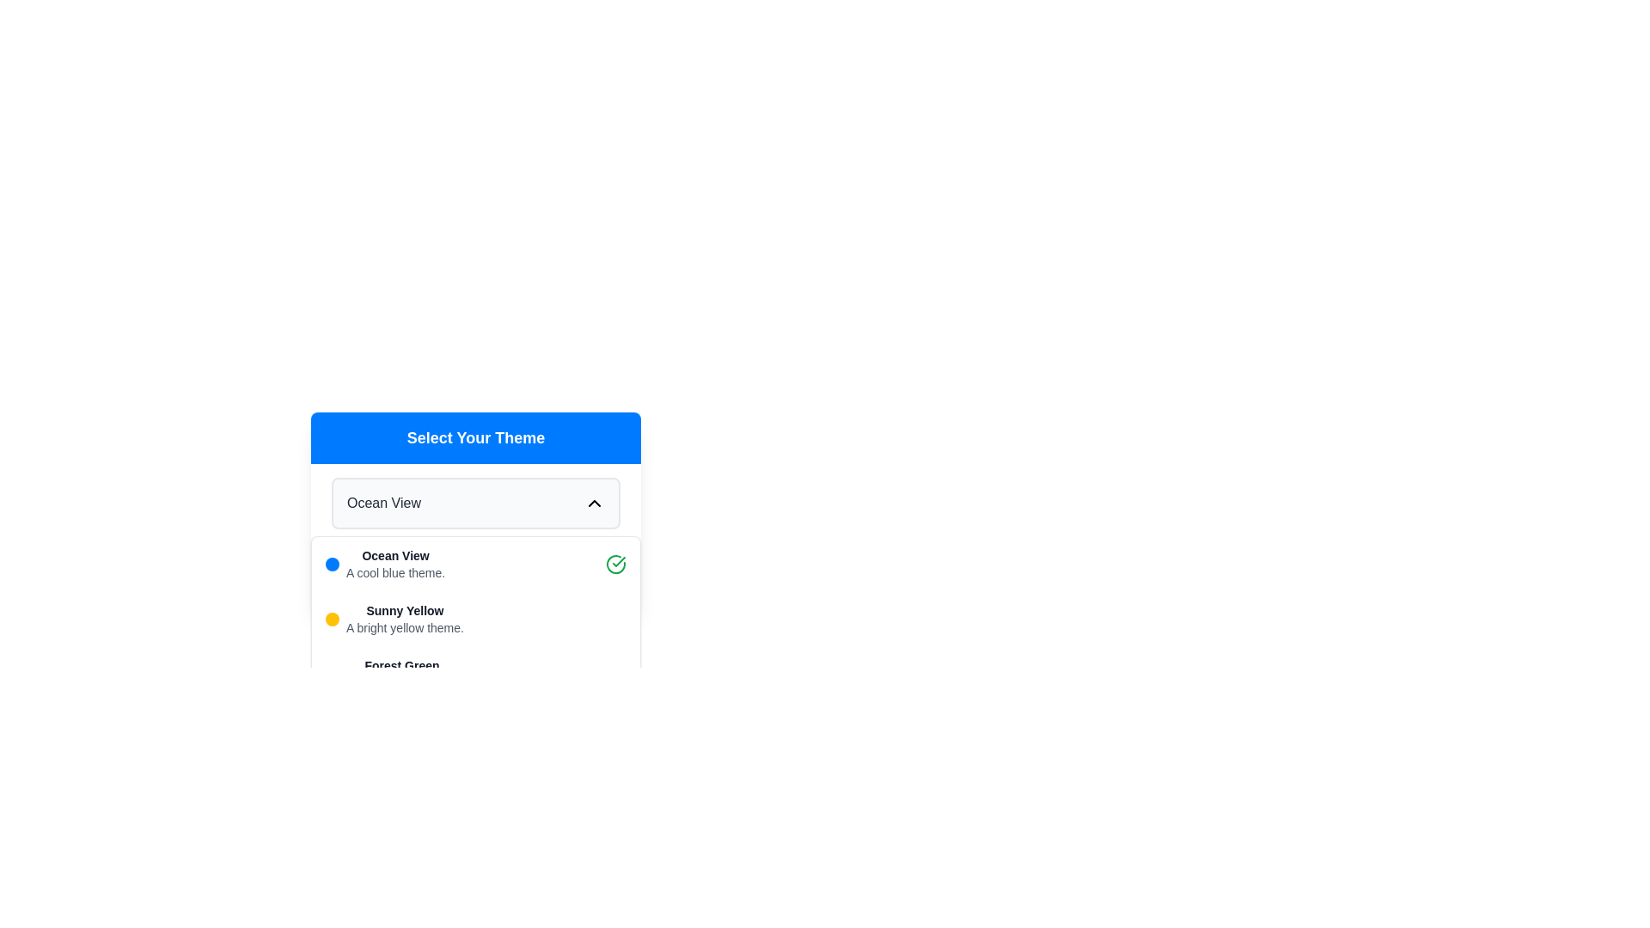  What do you see at coordinates (404, 628) in the screenshot?
I see `text providing a brief description of the 'Sunny Yellow' theme, which is located directly below the title 'Sunny Yellow' in the theme selection list` at bounding box center [404, 628].